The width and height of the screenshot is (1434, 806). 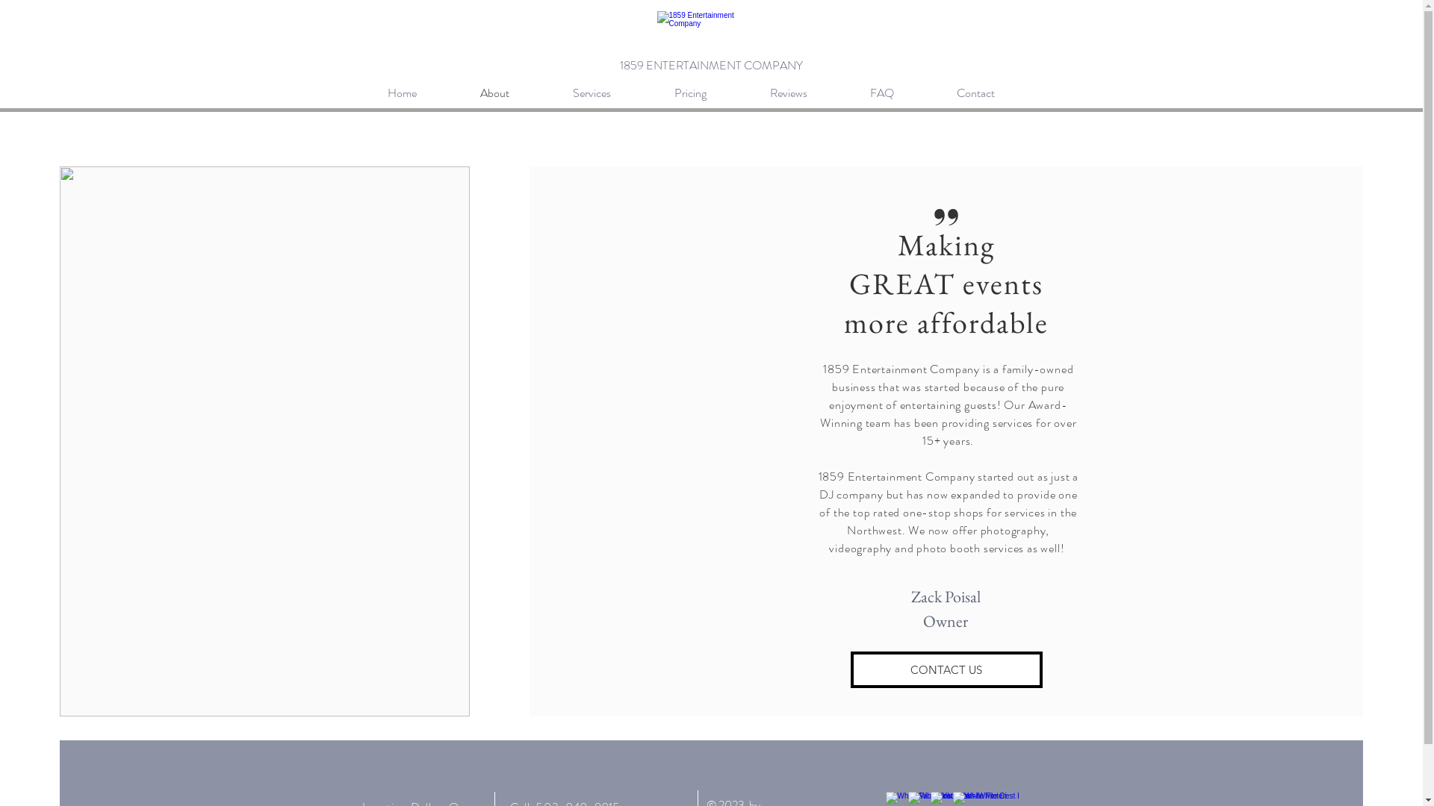 I want to click on '1859 ENTERTAINMENT COMPANY', so click(x=620, y=65).